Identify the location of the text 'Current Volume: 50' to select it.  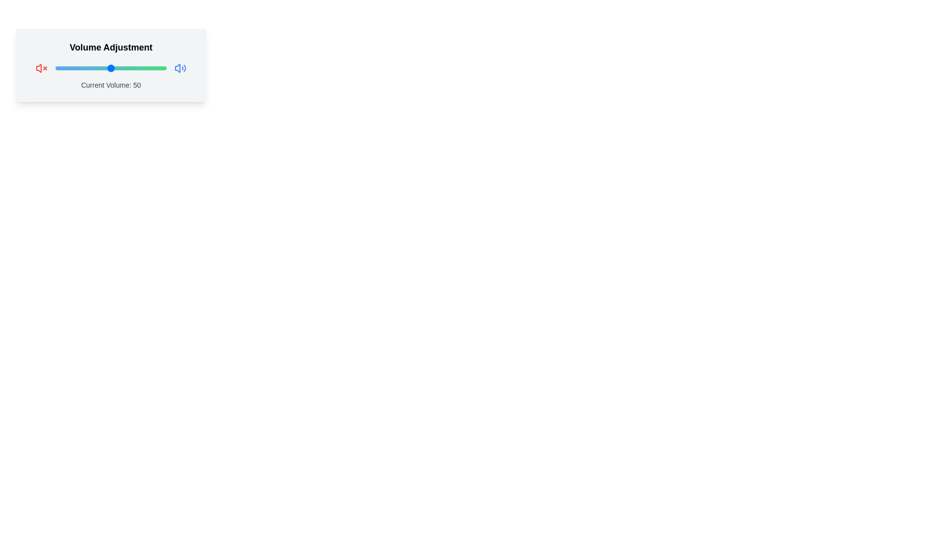
(111, 85).